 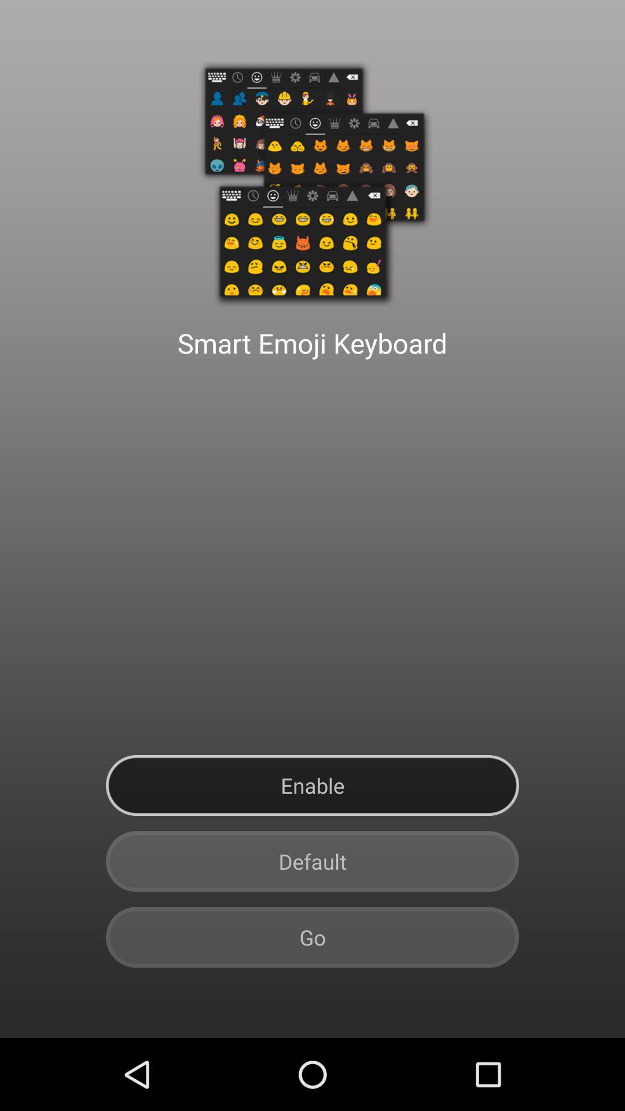 I want to click on the app below smart emoji keyboard icon, so click(x=312, y=785).